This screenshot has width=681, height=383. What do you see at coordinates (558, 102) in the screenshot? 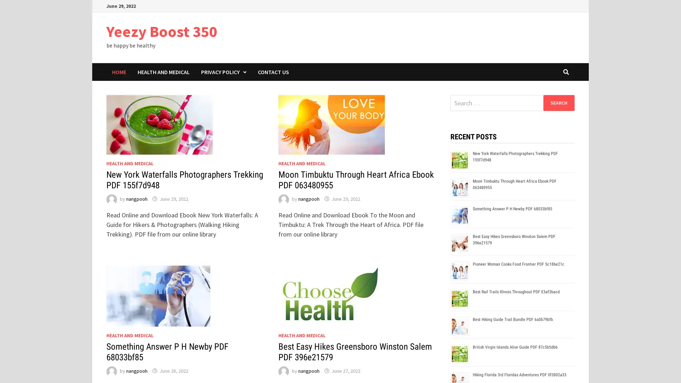
I see `Search` at bounding box center [558, 102].